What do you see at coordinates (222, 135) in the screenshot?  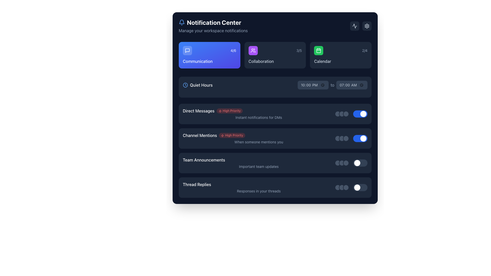 I see `the visual cue provided by the high priority SVG graphic icon located within the 'High Priority' label, positioned on the left side adjacent to 'Direct Messages' or 'Channel Mentions'` at bounding box center [222, 135].